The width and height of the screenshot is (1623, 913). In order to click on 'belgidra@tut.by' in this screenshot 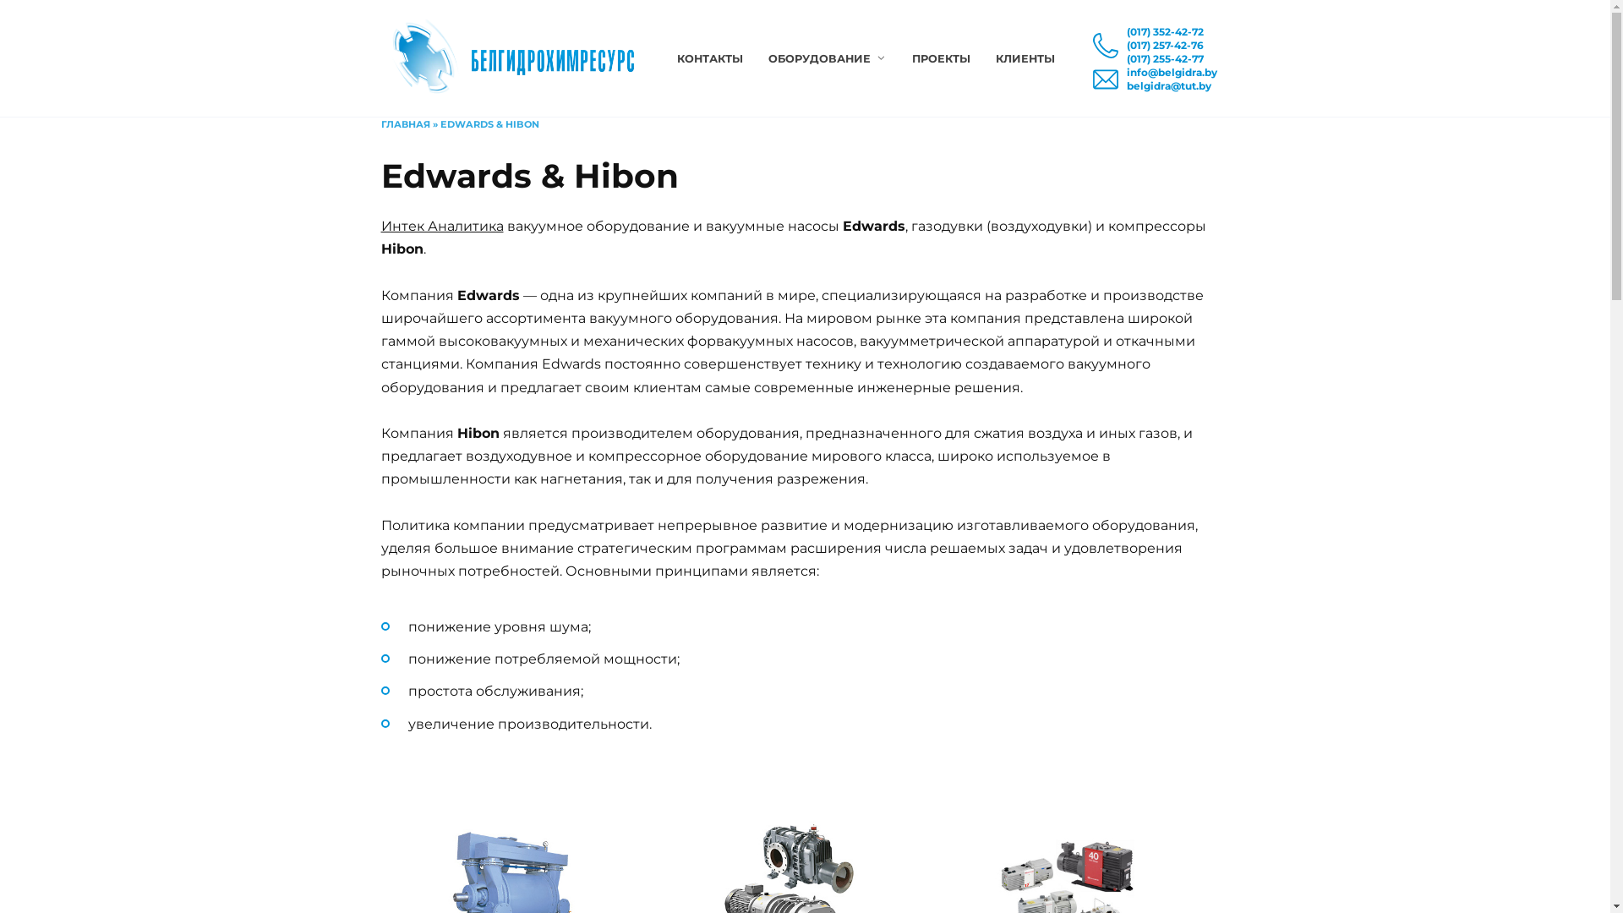, I will do `click(1170, 85)`.